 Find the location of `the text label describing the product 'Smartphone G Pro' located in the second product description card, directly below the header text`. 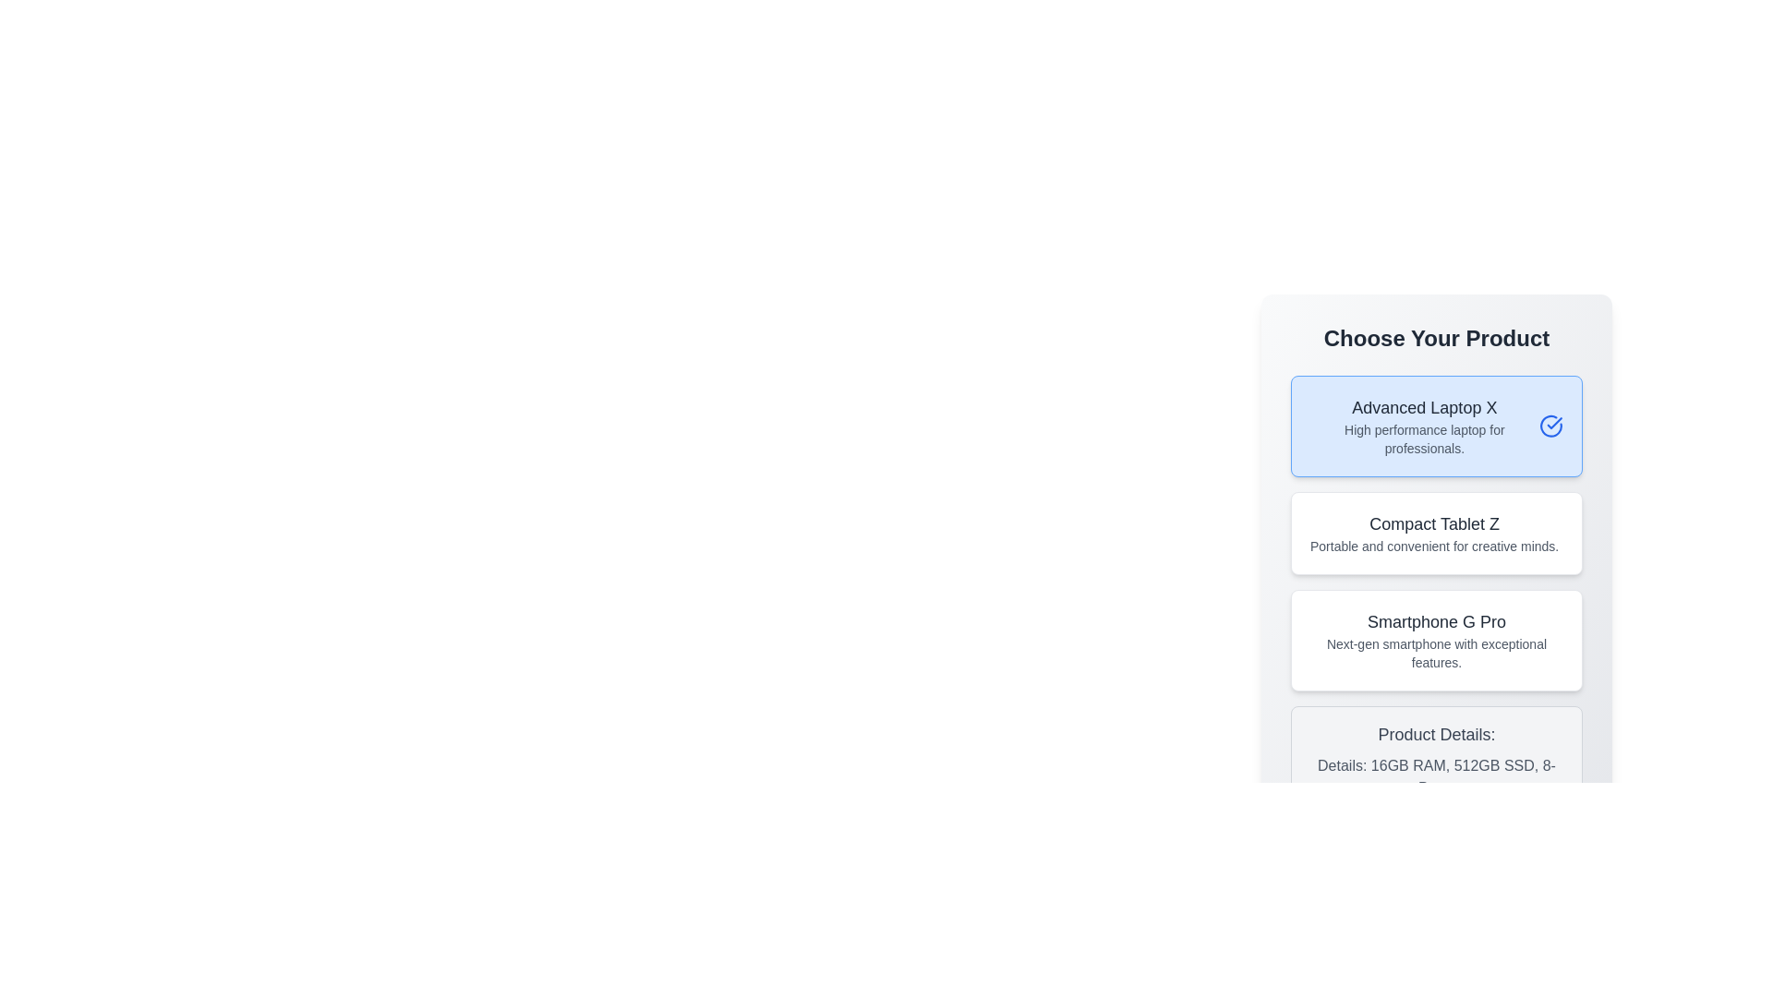

the text label describing the product 'Smartphone G Pro' located in the second product description card, directly below the header text is located at coordinates (1435, 653).